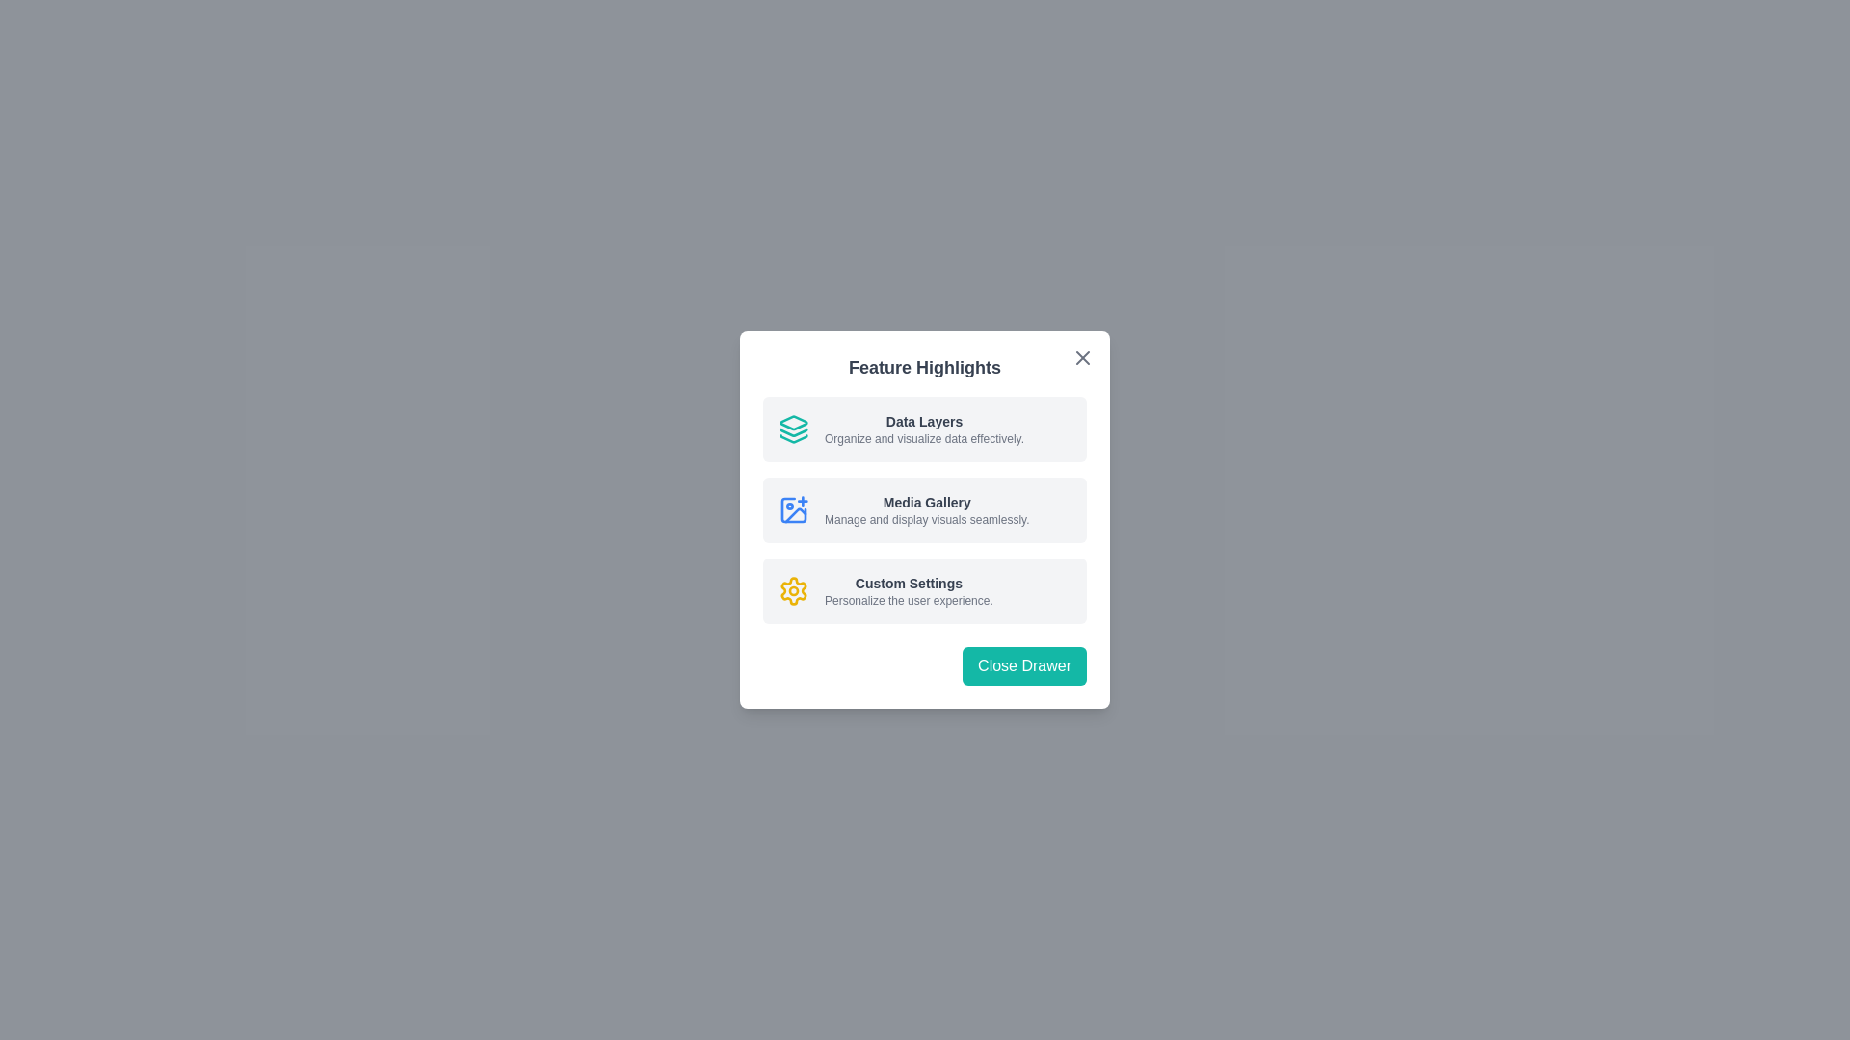 This screenshot has height=1040, width=1850. Describe the element at coordinates (794, 589) in the screenshot. I see `the yellow gear icon with an outline, which symbolizes the settings feature, located to the left of the 'Custom Settings' text` at that location.